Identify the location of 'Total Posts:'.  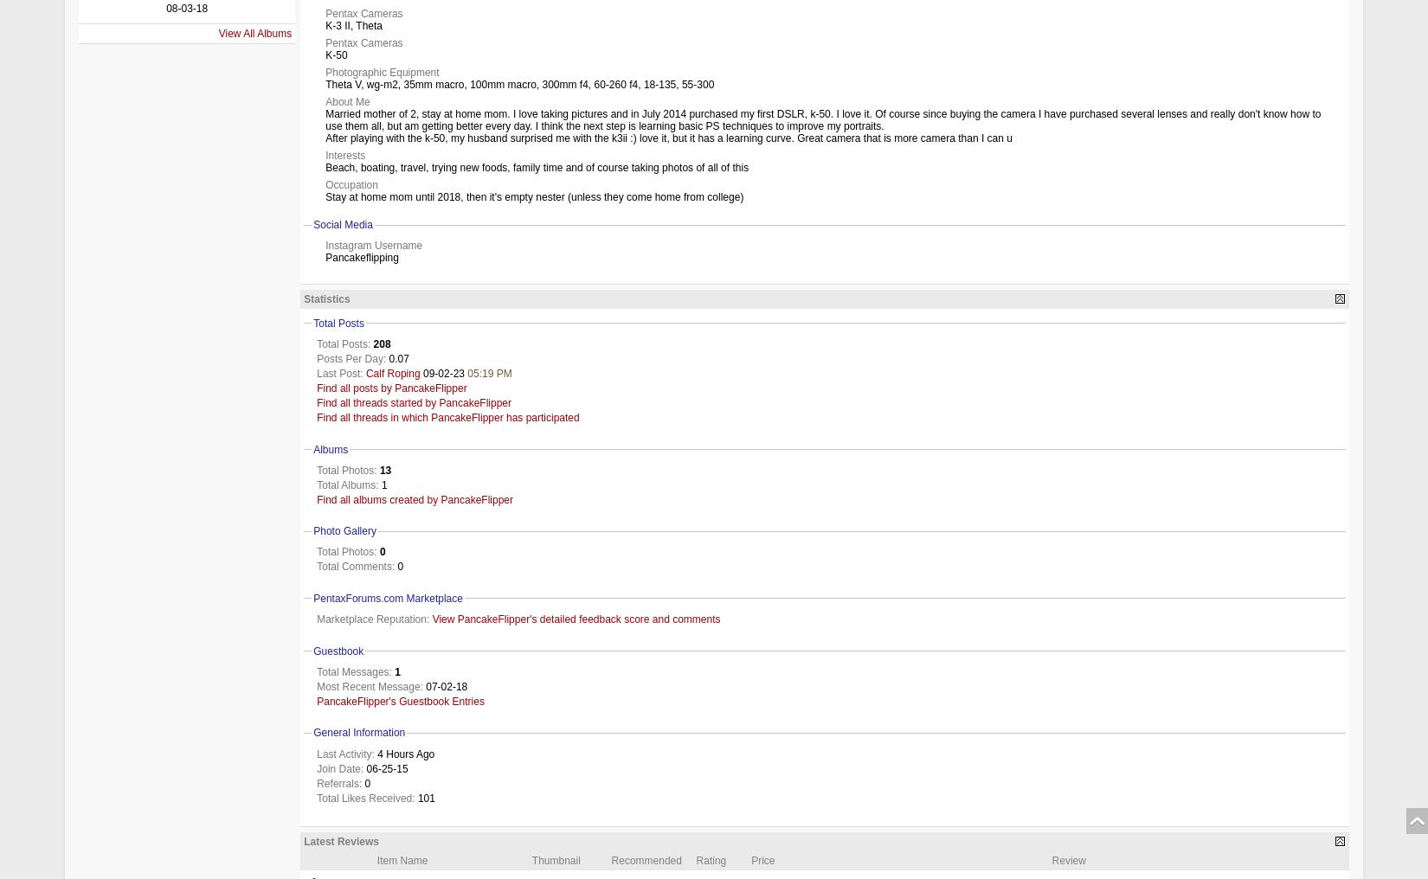
(343, 343).